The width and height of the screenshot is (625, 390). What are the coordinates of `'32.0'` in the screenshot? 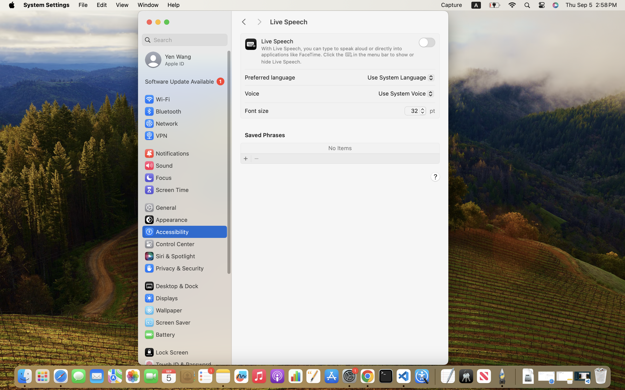 It's located at (422, 110).